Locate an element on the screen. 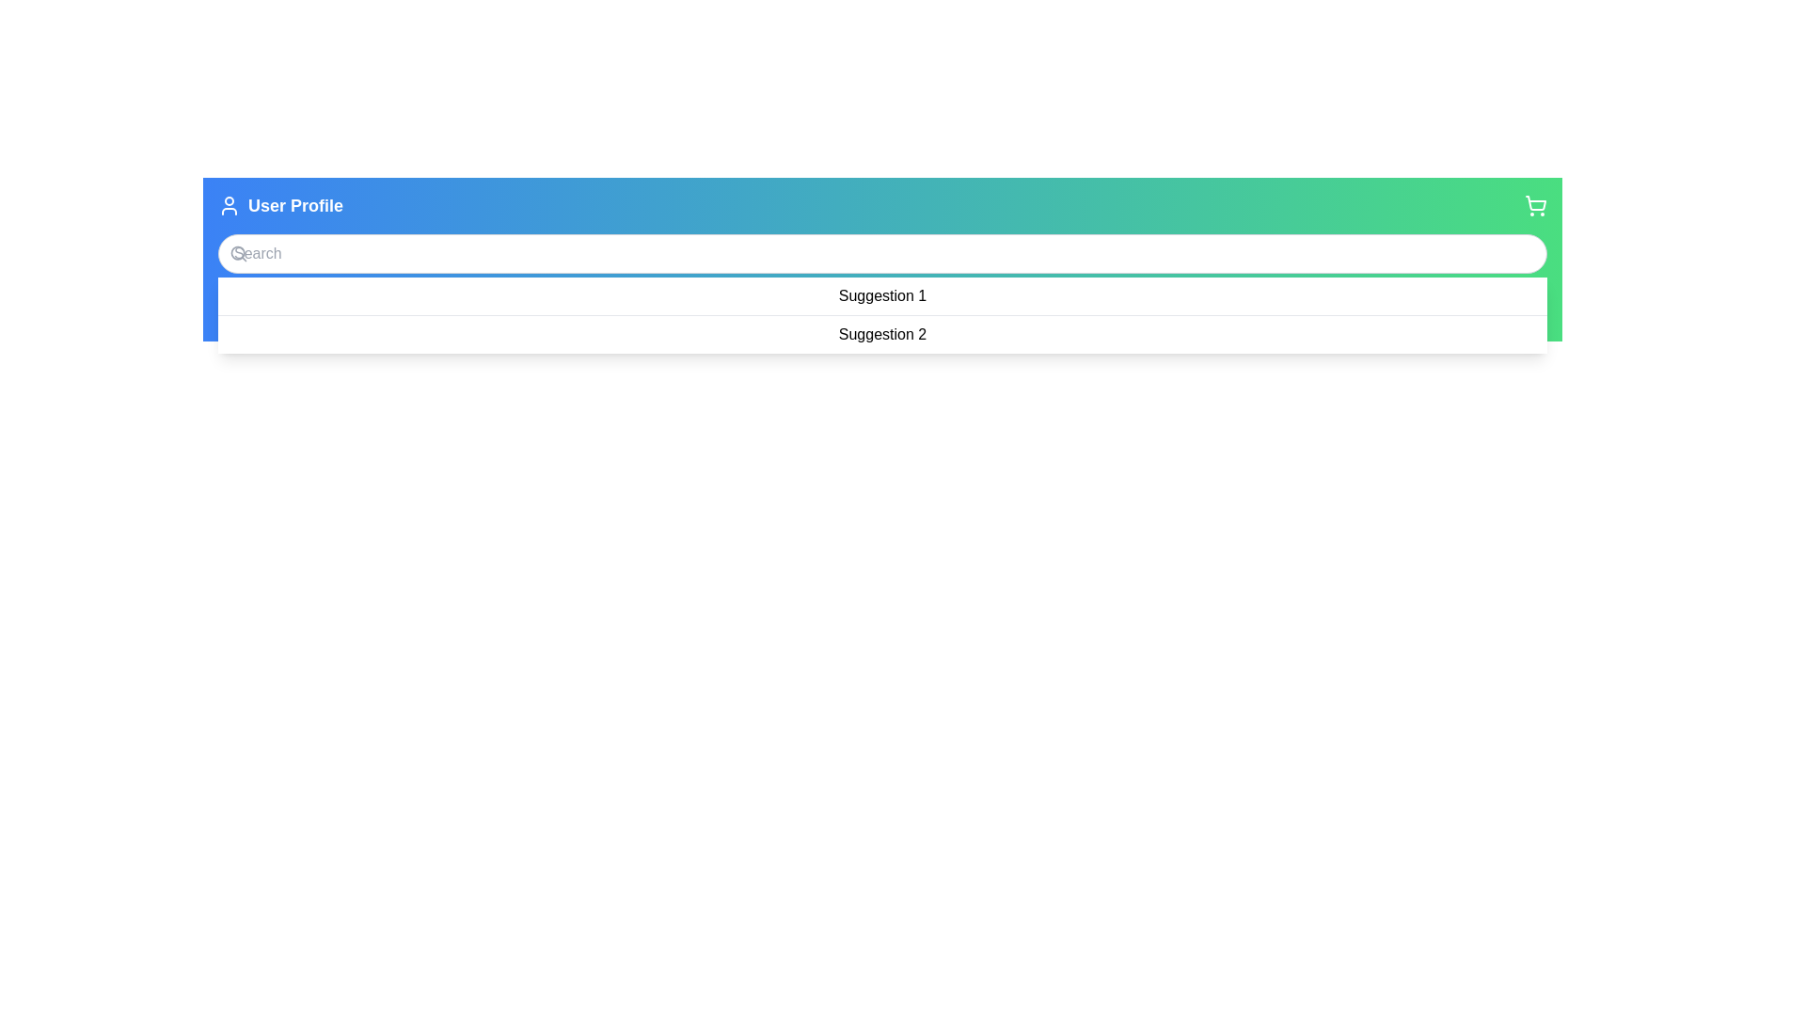  the magnifying glass icon located inside the search field, which indicates the search functionality of the input field is located at coordinates (238, 254).